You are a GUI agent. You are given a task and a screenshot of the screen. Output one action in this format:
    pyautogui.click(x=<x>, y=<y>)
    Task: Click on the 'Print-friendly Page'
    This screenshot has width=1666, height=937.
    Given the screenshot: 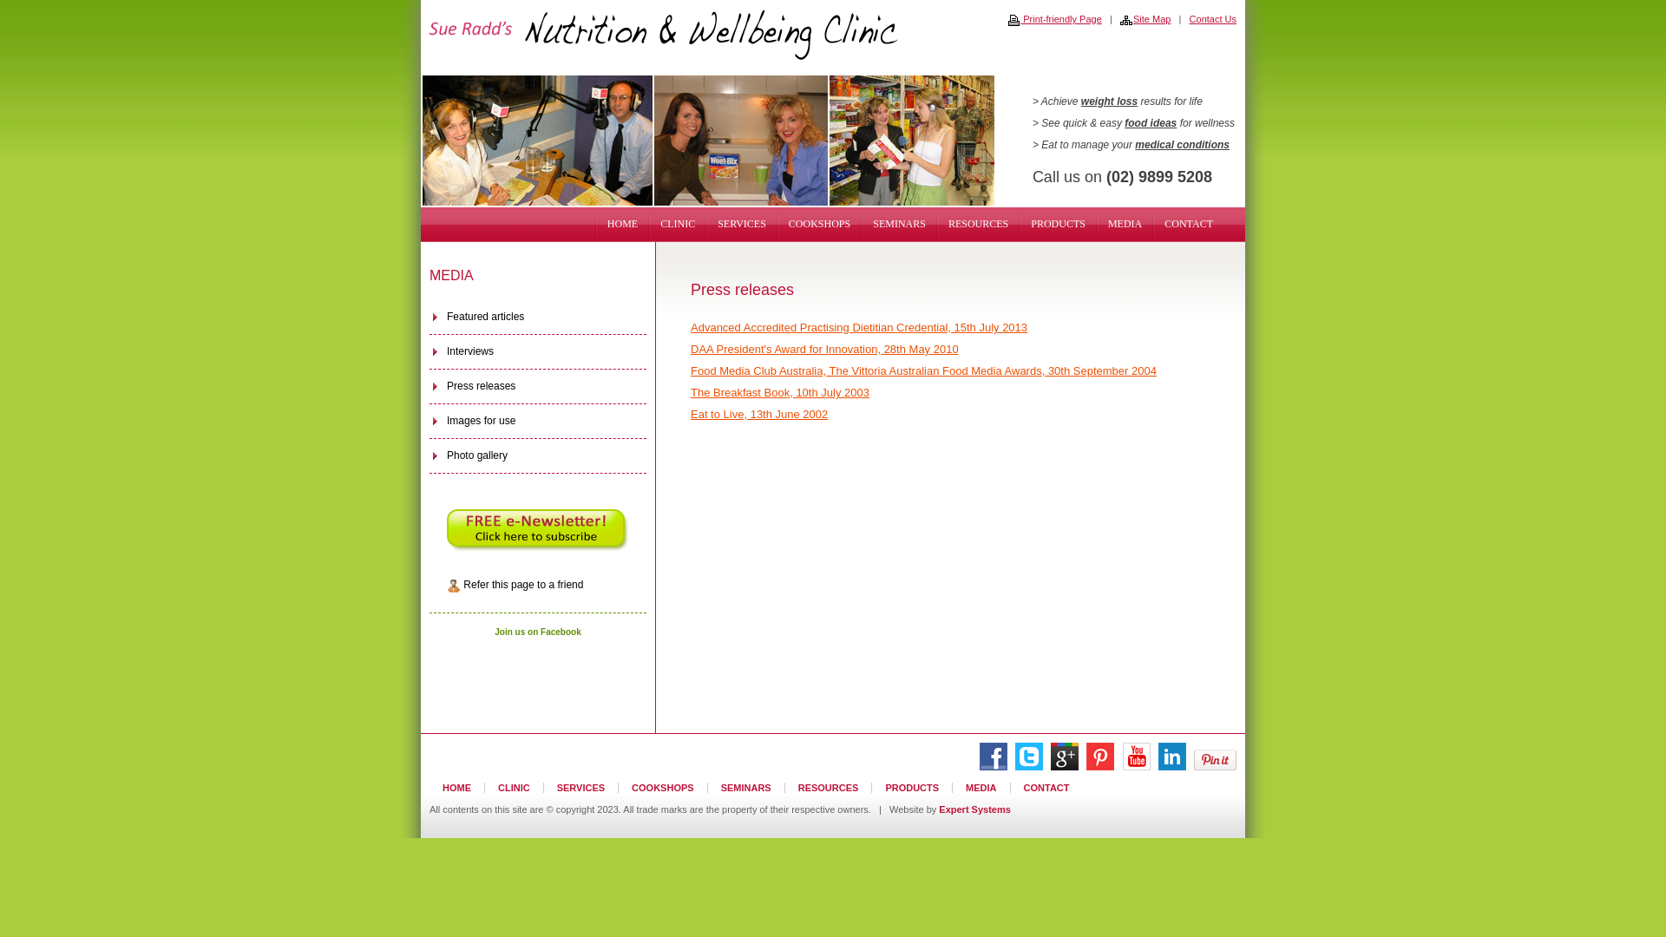 What is the action you would take?
    pyautogui.click(x=1007, y=19)
    